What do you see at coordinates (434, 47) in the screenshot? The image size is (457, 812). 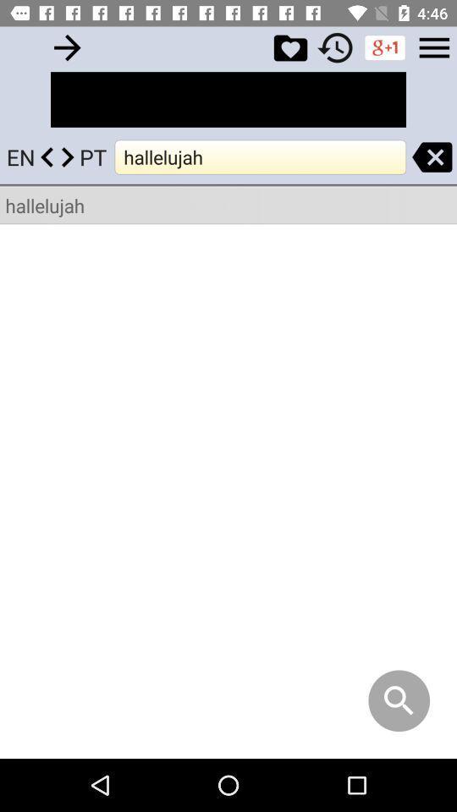 I see `menu bar button` at bounding box center [434, 47].